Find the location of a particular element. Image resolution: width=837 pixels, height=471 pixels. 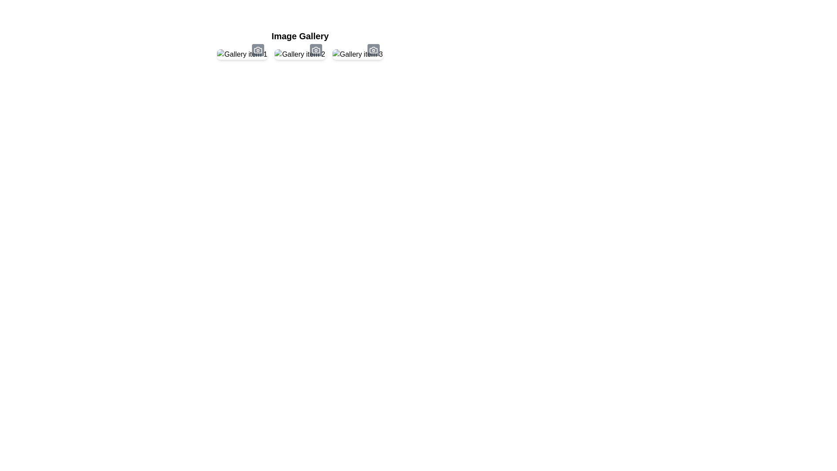

the camera icon located at the bottom-right corner of the third item in the 'Image Gallery' is located at coordinates (374, 50).